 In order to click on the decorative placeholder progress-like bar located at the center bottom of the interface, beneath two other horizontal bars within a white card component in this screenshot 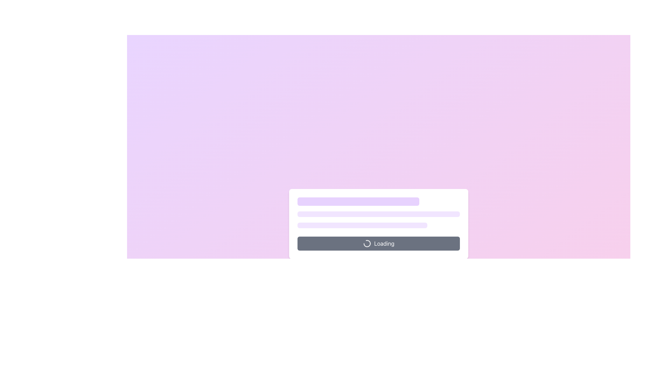, I will do `click(362, 225)`.